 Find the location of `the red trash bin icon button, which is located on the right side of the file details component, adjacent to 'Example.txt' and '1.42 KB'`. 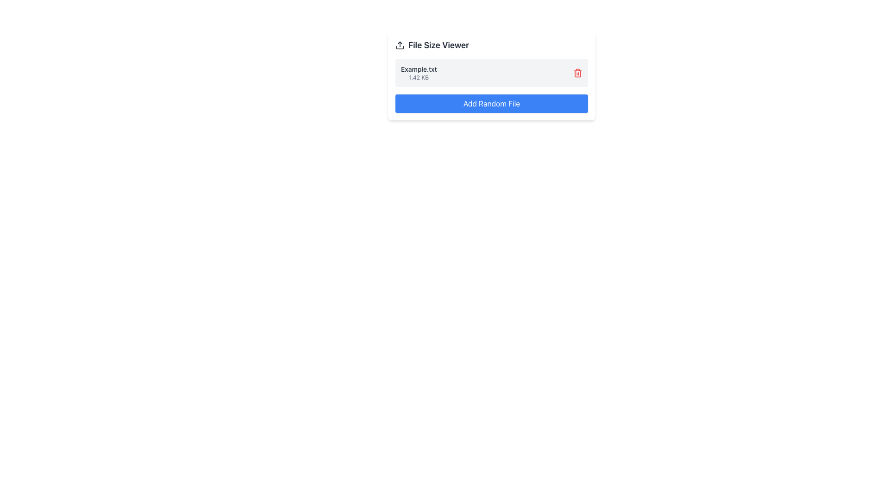

the red trash bin icon button, which is located on the right side of the file details component, adjacent to 'Example.txt' and '1.42 KB' is located at coordinates (577, 73).